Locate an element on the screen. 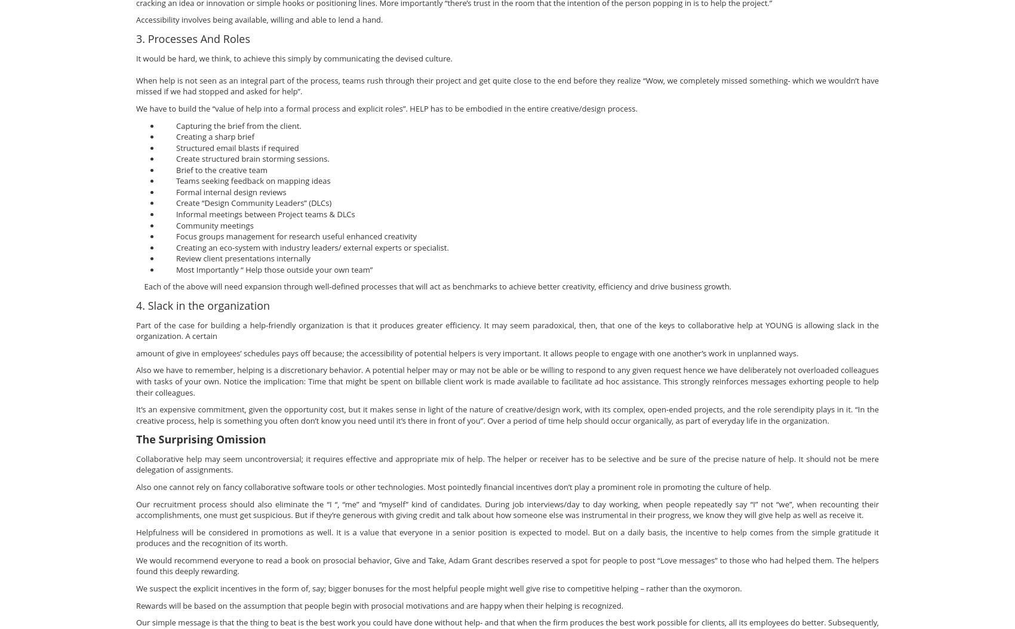 Image resolution: width=1015 pixels, height=629 pixels. 'Also we have to remember, helping is a discretionary behavior. A potential helper may or may not be able or be willing to respond to any given request hence we have deliberately not overloaded colleagues with tasks of your own. Notice the implication: Time that might be spent on billable client work is made available to facilitate ad hoc assistance. This strongly reinforces messages exhorting people to help their colleagues.' is located at coordinates (506, 381).